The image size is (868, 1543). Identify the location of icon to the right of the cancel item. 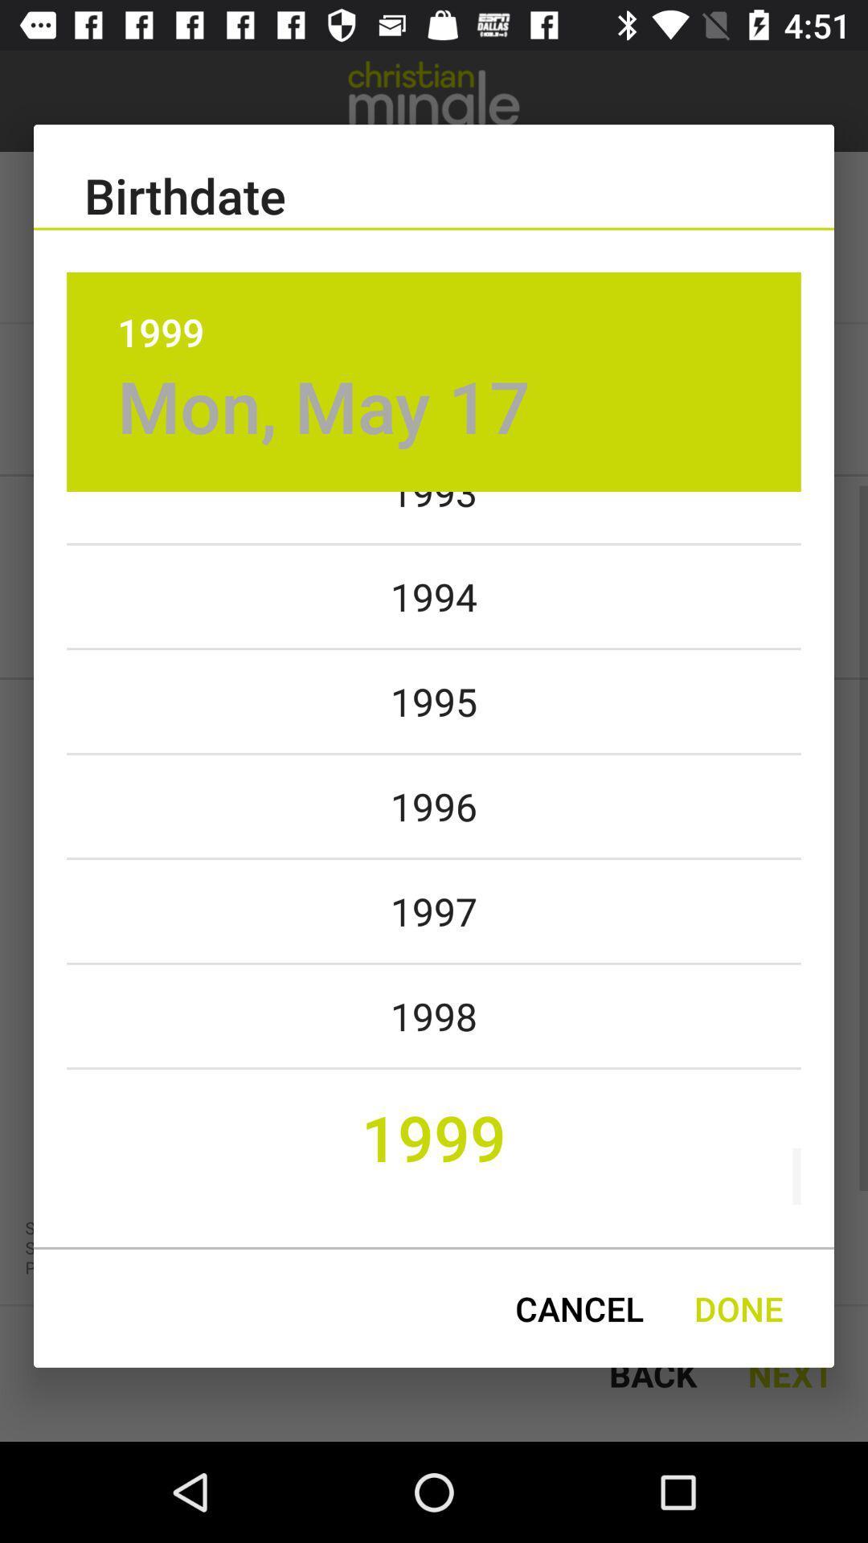
(739, 1308).